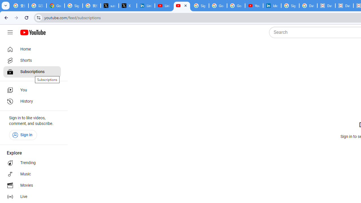 The height and width of the screenshot is (203, 361). What do you see at coordinates (164, 6) in the screenshot?
I see `'LinkedIn - YouTube'` at bounding box center [164, 6].